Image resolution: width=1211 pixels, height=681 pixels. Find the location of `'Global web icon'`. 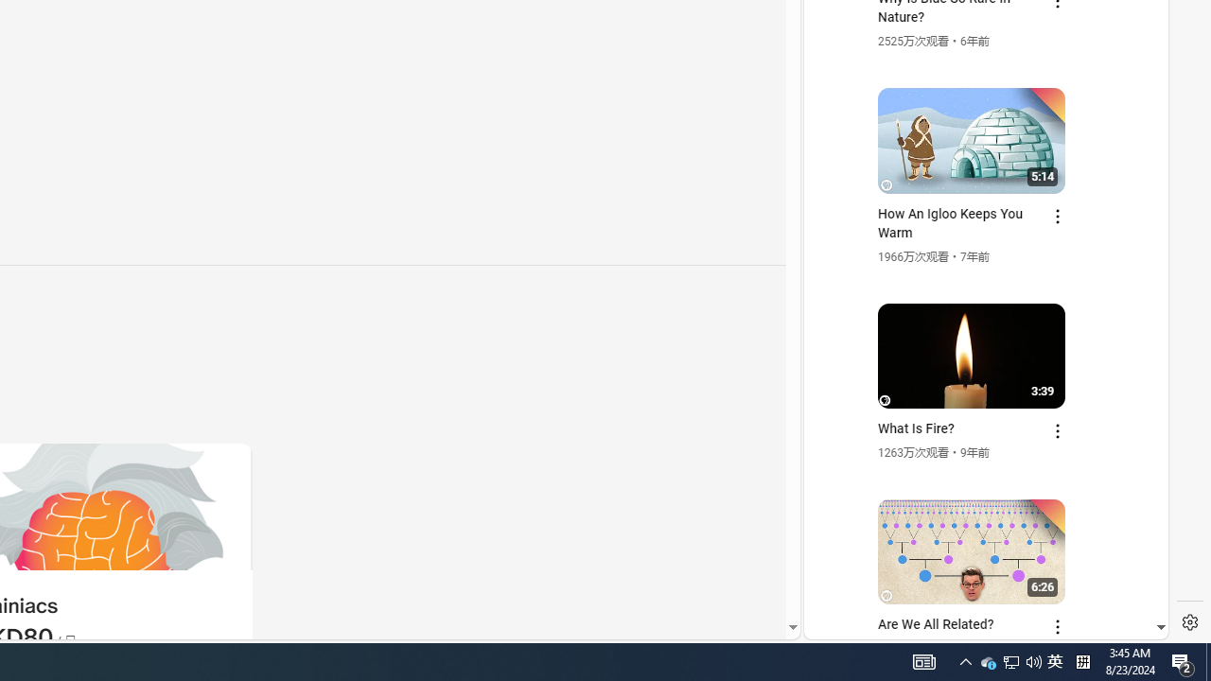

'Global web icon' is located at coordinates (839, 408).